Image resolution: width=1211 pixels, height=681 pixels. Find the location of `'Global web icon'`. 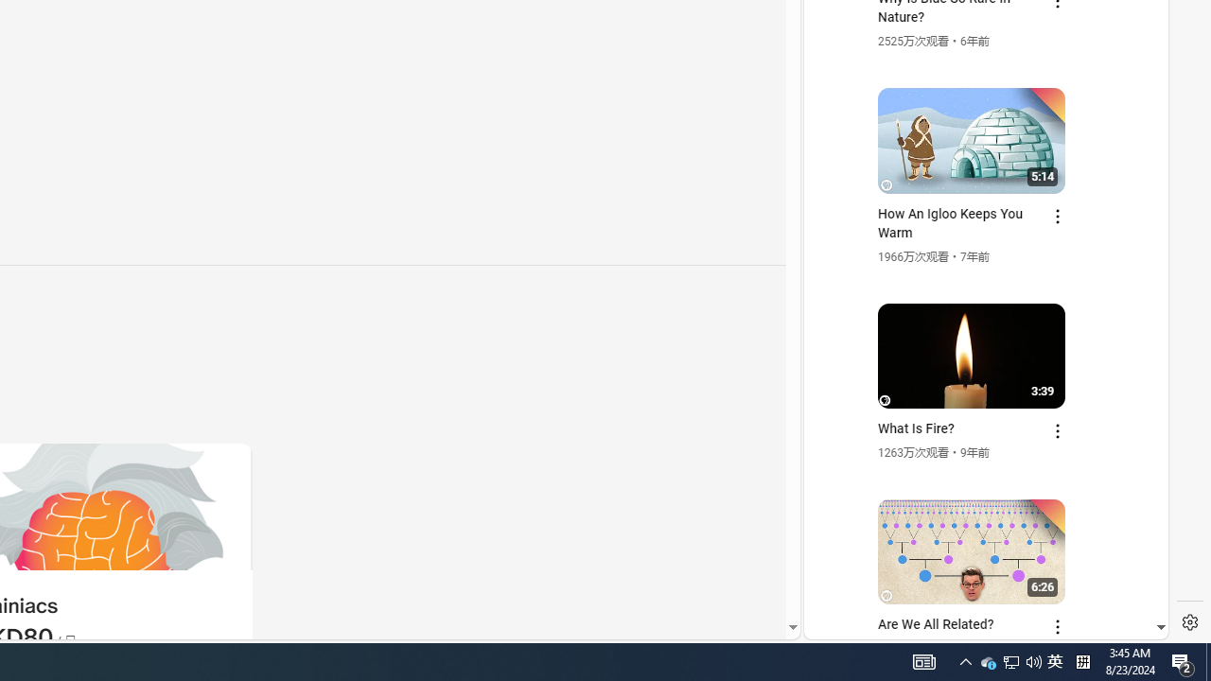

'Global web icon' is located at coordinates (839, 408).